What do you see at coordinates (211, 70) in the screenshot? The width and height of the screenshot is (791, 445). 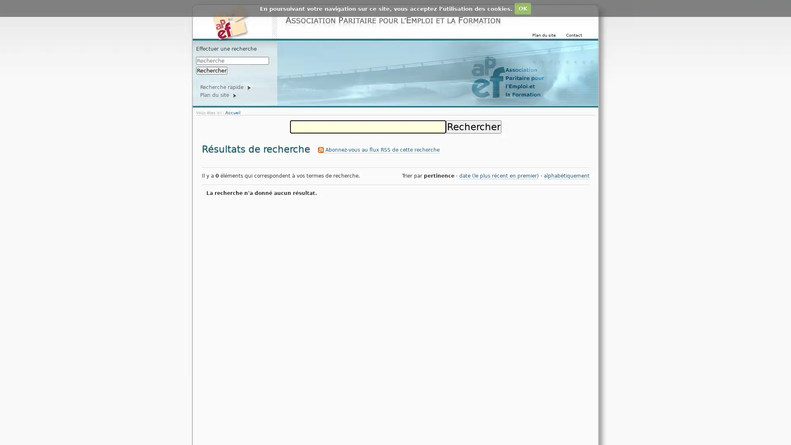 I see `Rechercher` at bounding box center [211, 70].